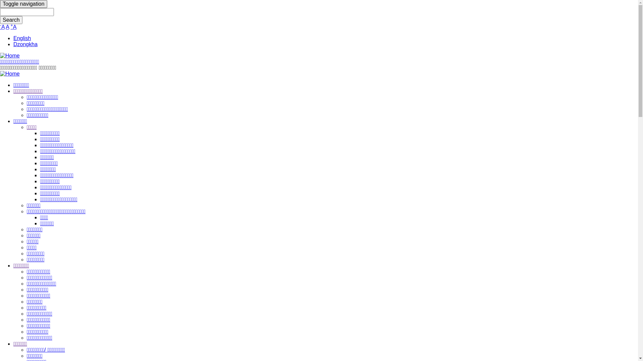 Image resolution: width=643 pixels, height=361 pixels. I want to click on '+A', so click(14, 26).